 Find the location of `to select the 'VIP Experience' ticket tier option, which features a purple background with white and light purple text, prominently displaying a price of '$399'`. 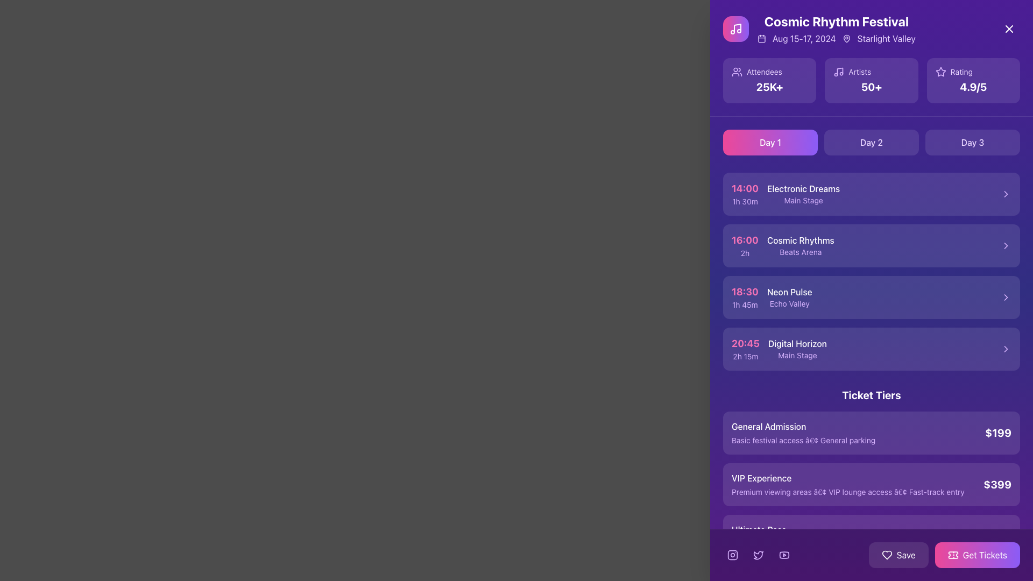

to select the 'VIP Experience' ticket tier option, which features a purple background with white and light purple text, prominently displaying a price of '$399' is located at coordinates (872, 485).